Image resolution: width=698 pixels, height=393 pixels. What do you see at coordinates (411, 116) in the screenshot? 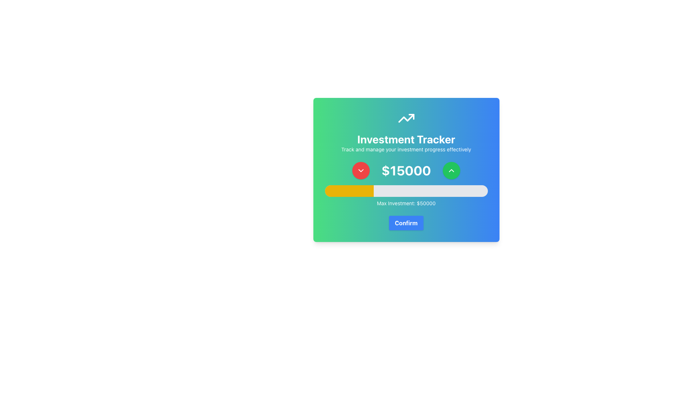
I see `the small upward-pointing triangular icon within the SVG graphic of the trending line chart, located at the top-middle region of the 'Investment Tracker' card` at bounding box center [411, 116].